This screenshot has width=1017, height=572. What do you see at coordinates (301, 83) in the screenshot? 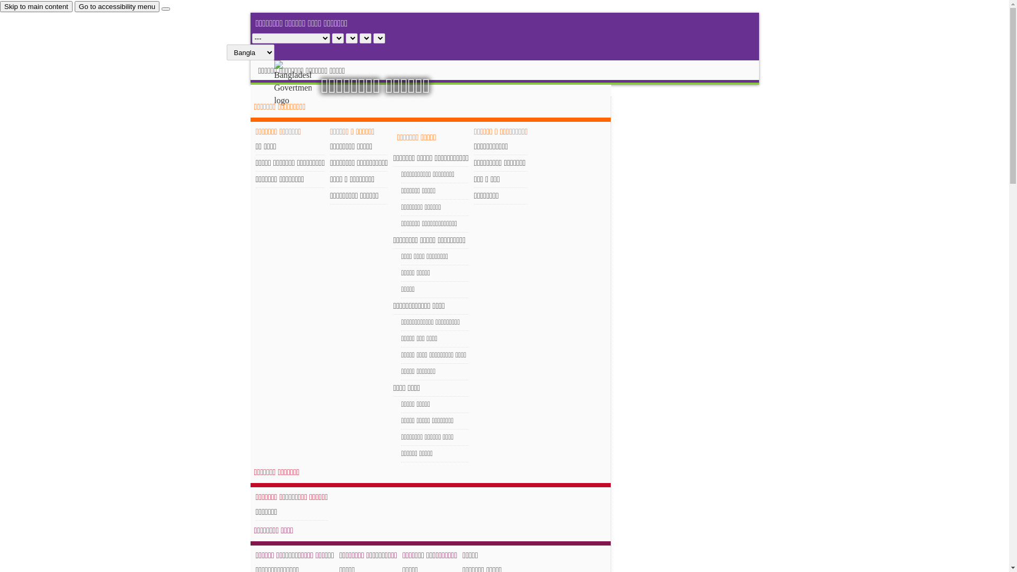
I see `'` at bounding box center [301, 83].